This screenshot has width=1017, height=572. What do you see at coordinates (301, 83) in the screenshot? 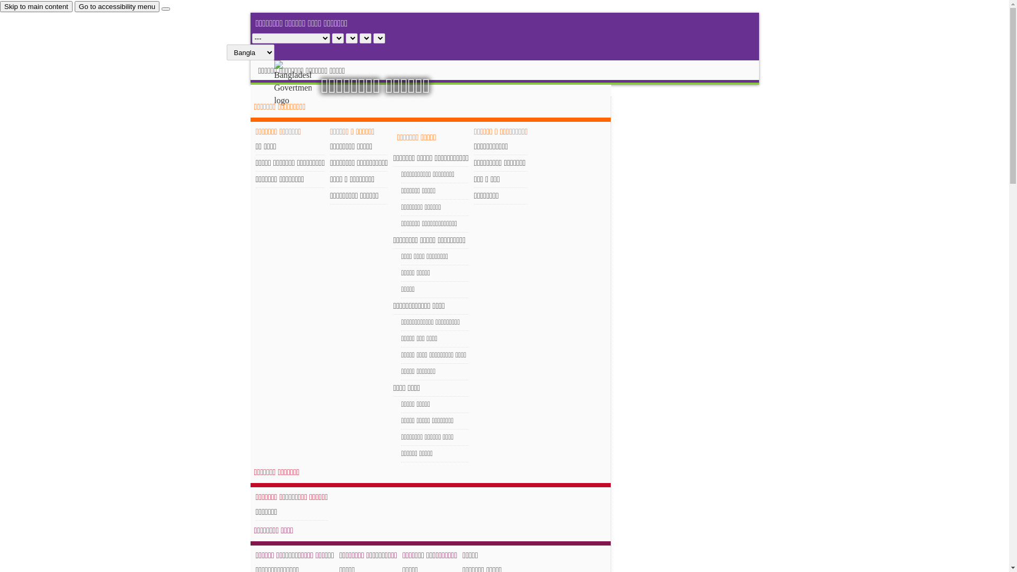
I see `'` at bounding box center [301, 83].